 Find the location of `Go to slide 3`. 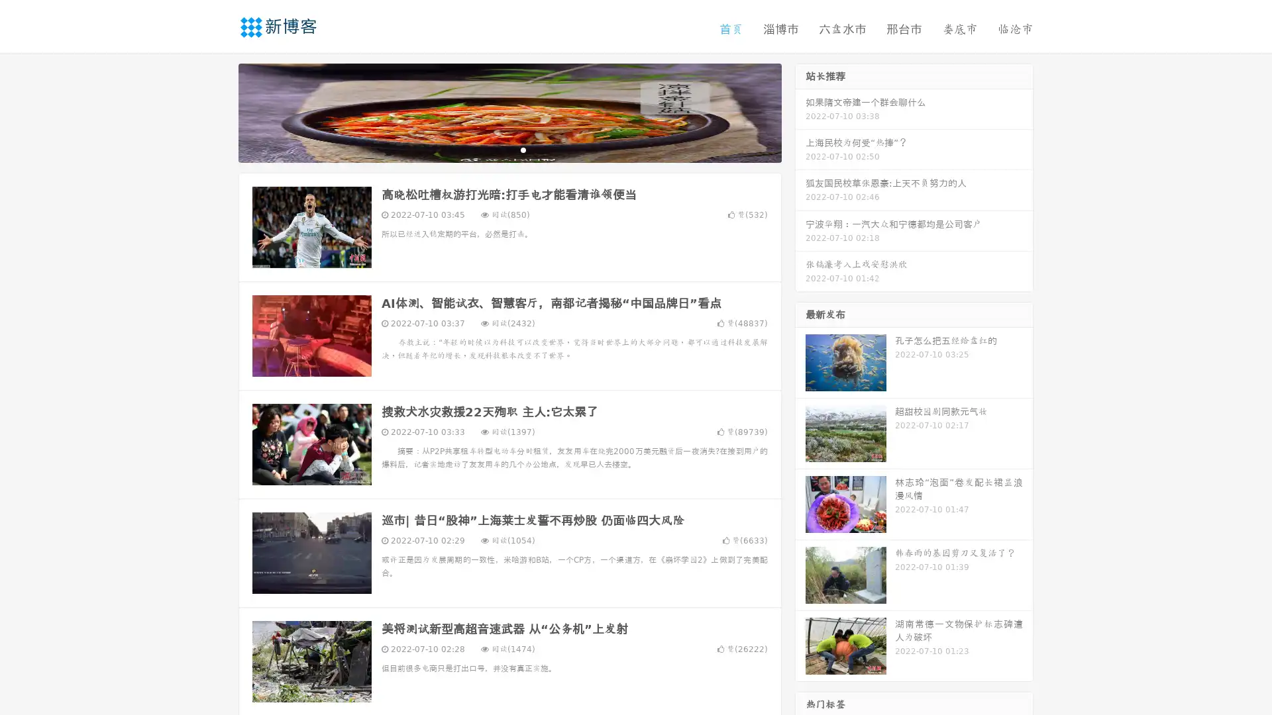

Go to slide 3 is located at coordinates (523, 149).